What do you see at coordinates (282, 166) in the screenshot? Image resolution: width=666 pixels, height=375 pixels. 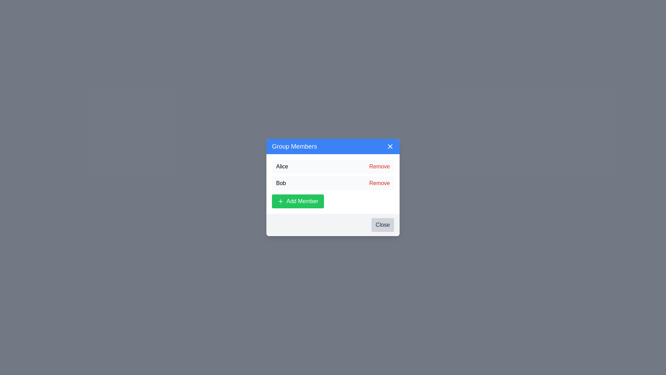 I see `the text label displaying the name 'Alice' in the 'Group Members' dialog box, which is the first item in the member list` at bounding box center [282, 166].